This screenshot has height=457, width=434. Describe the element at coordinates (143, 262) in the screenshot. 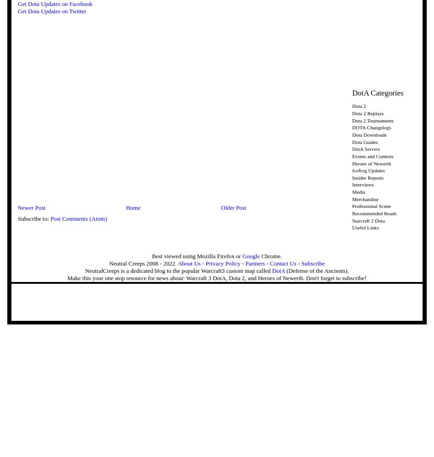

I see `'Neutral Creeps 2008 - 2022.'` at that location.